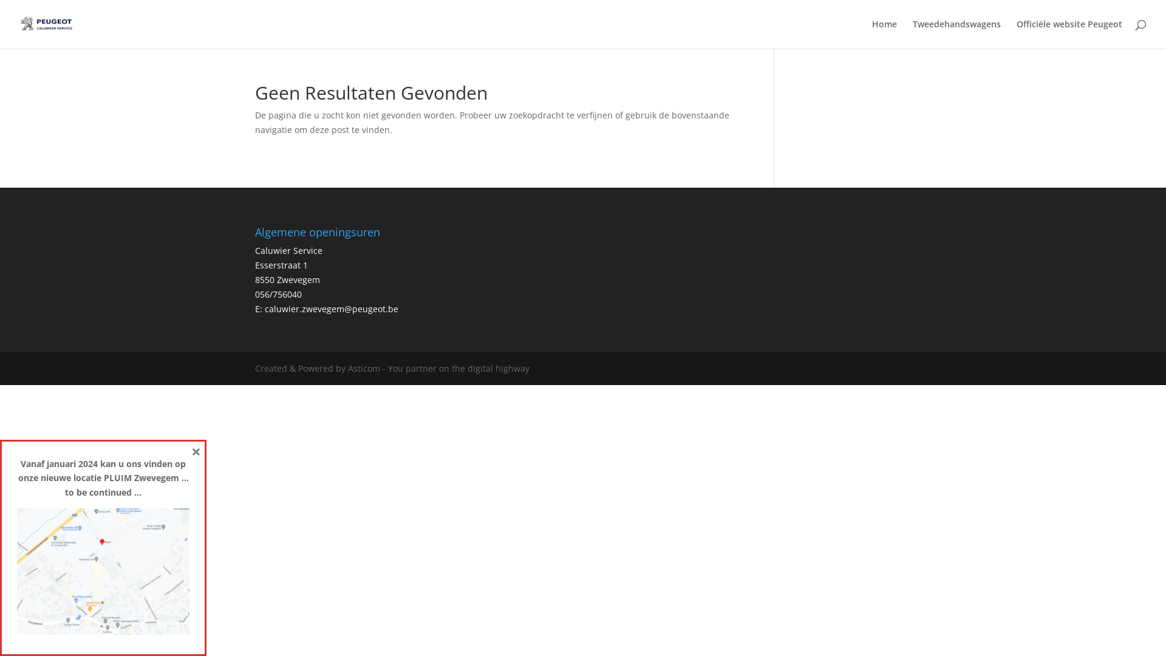 The height and width of the screenshot is (656, 1166). Describe the element at coordinates (884, 33) in the screenshot. I see `'Home'` at that location.